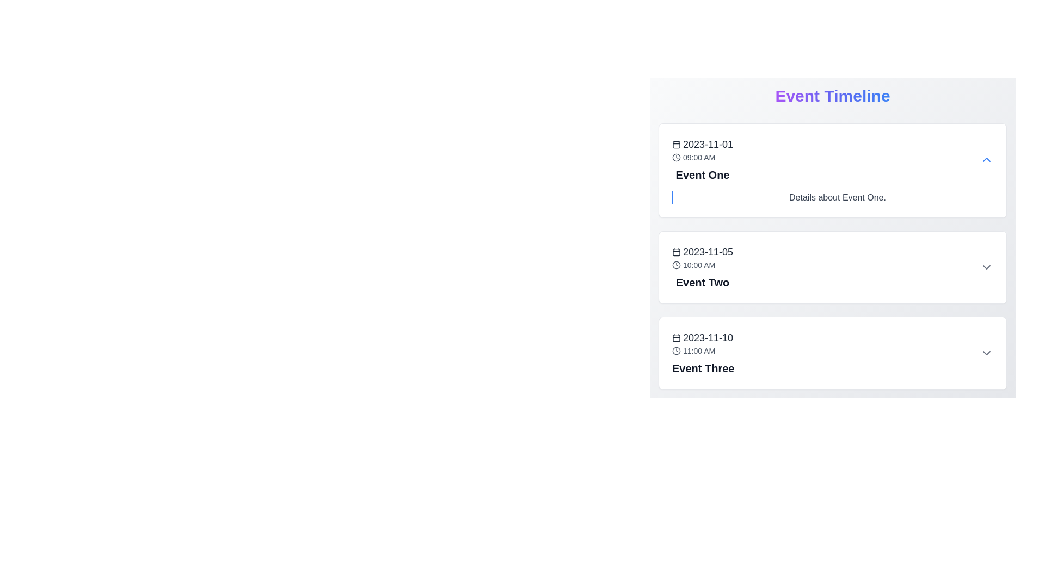 The image size is (1045, 587). I want to click on the outermost circular component of the clock icon, which is an SVG circle located in the top-left corner of the timeline card for Event One, so click(676, 157).